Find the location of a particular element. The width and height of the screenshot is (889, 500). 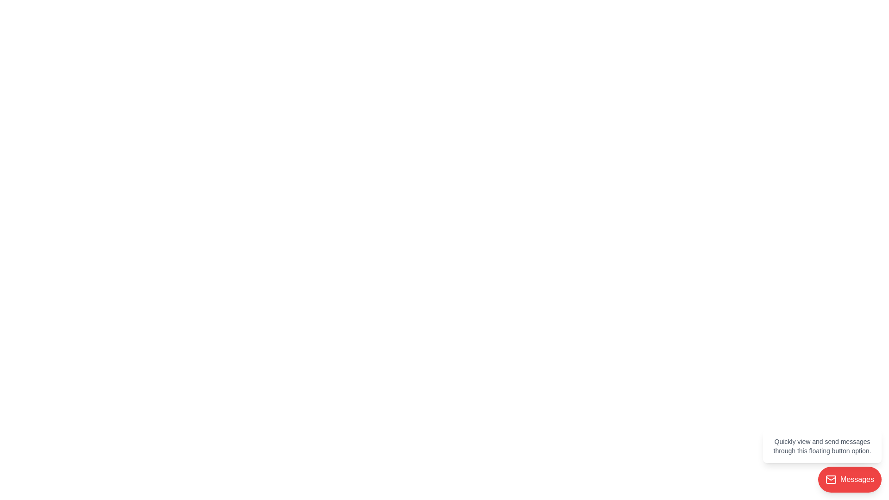

the floating red button labeled 'Messages' with an envelope icon near the bottom-right corner is located at coordinates (850, 462).